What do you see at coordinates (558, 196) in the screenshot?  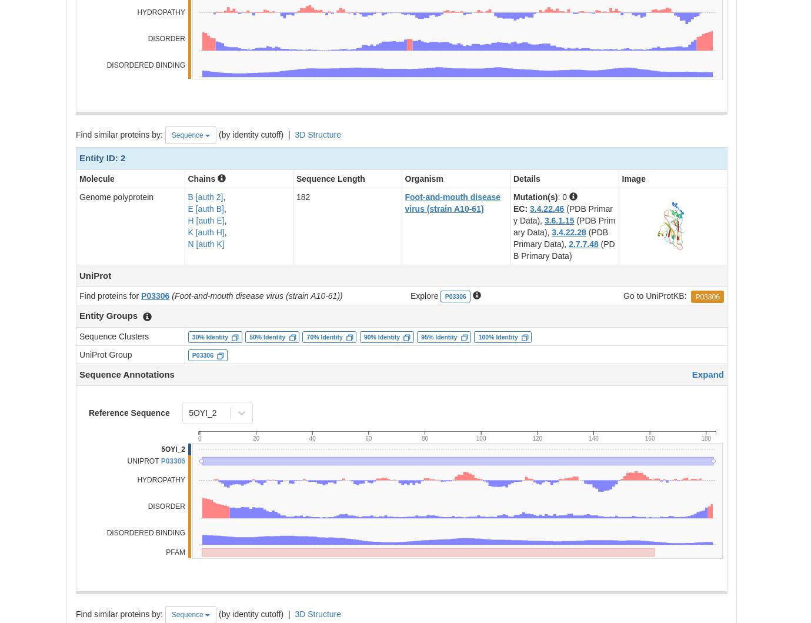 I see `': 0'` at bounding box center [558, 196].